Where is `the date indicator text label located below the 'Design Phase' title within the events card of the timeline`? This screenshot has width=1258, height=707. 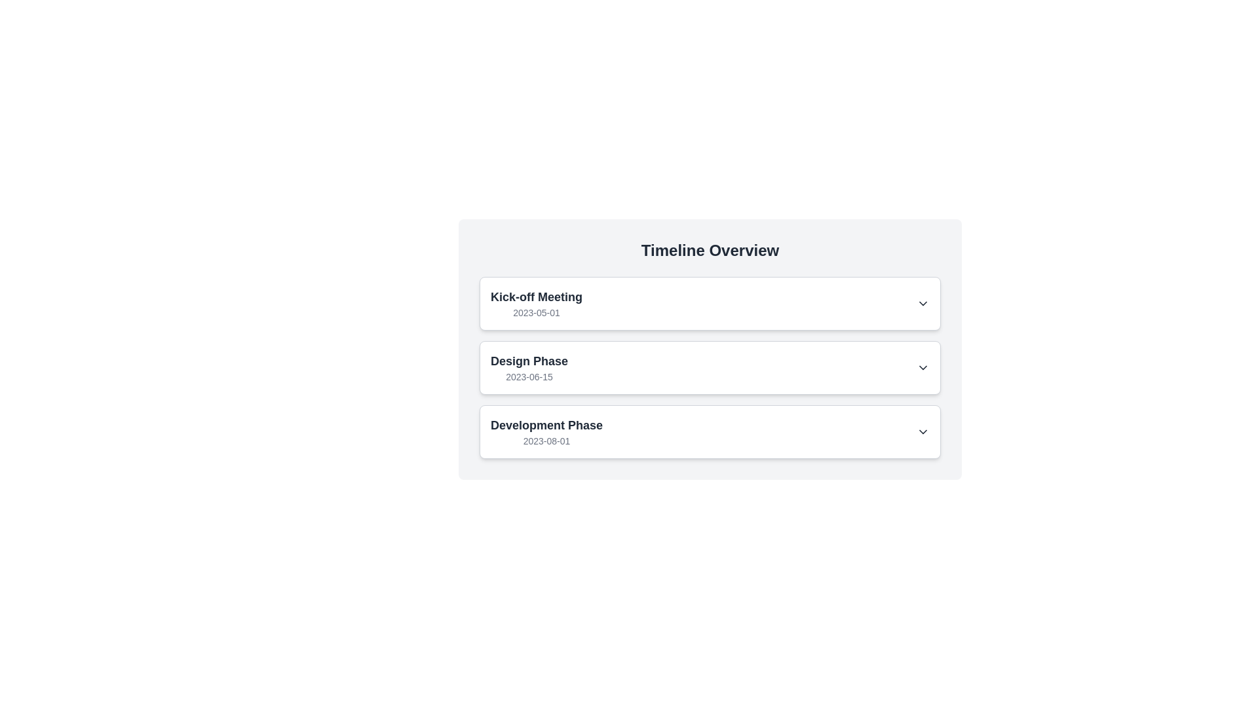 the date indicator text label located below the 'Design Phase' title within the events card of the timeline is located at coordinates (529, 376).